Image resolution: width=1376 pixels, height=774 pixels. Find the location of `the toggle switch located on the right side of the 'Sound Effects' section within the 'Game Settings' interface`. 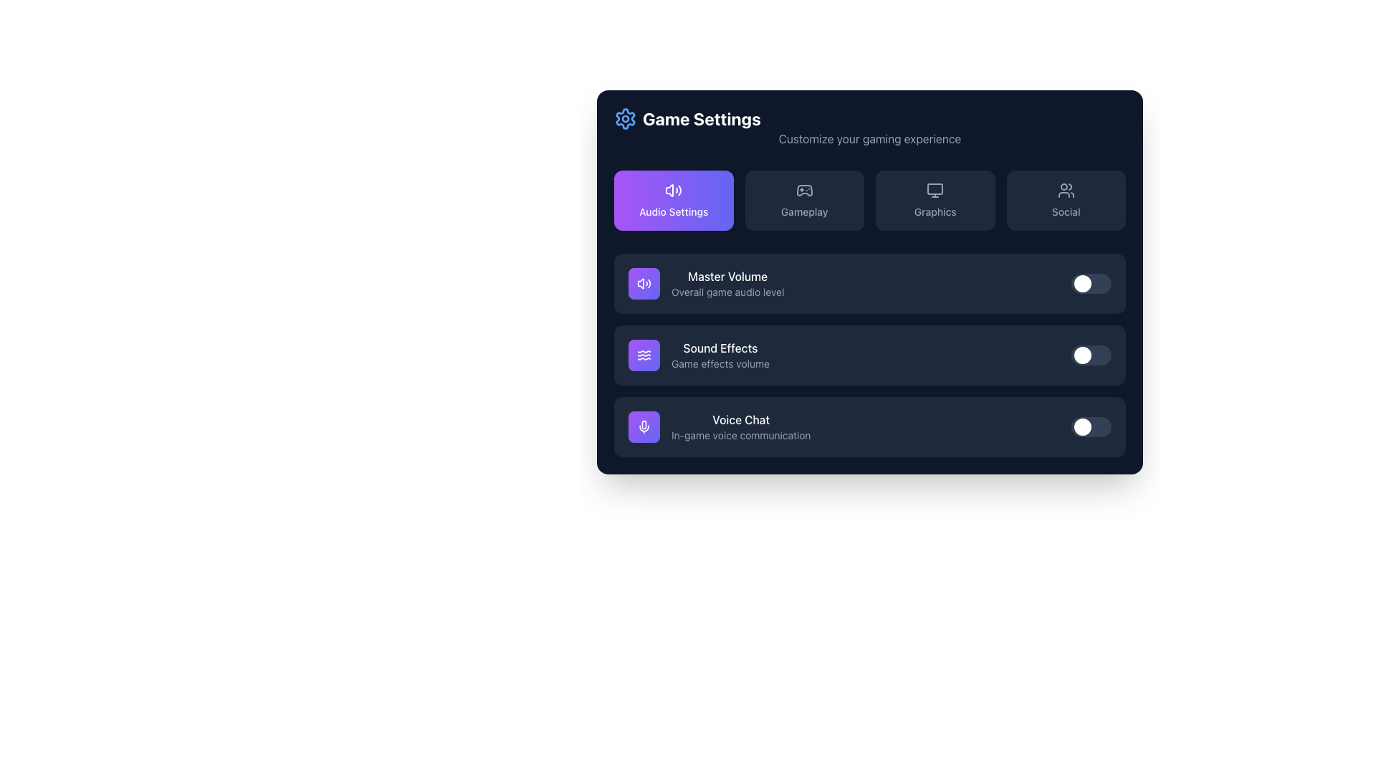

the toggle switch located on the right side of the 'Sound Effects' section within the 'Game Settings' interface is located at coordinates (1090, 355).